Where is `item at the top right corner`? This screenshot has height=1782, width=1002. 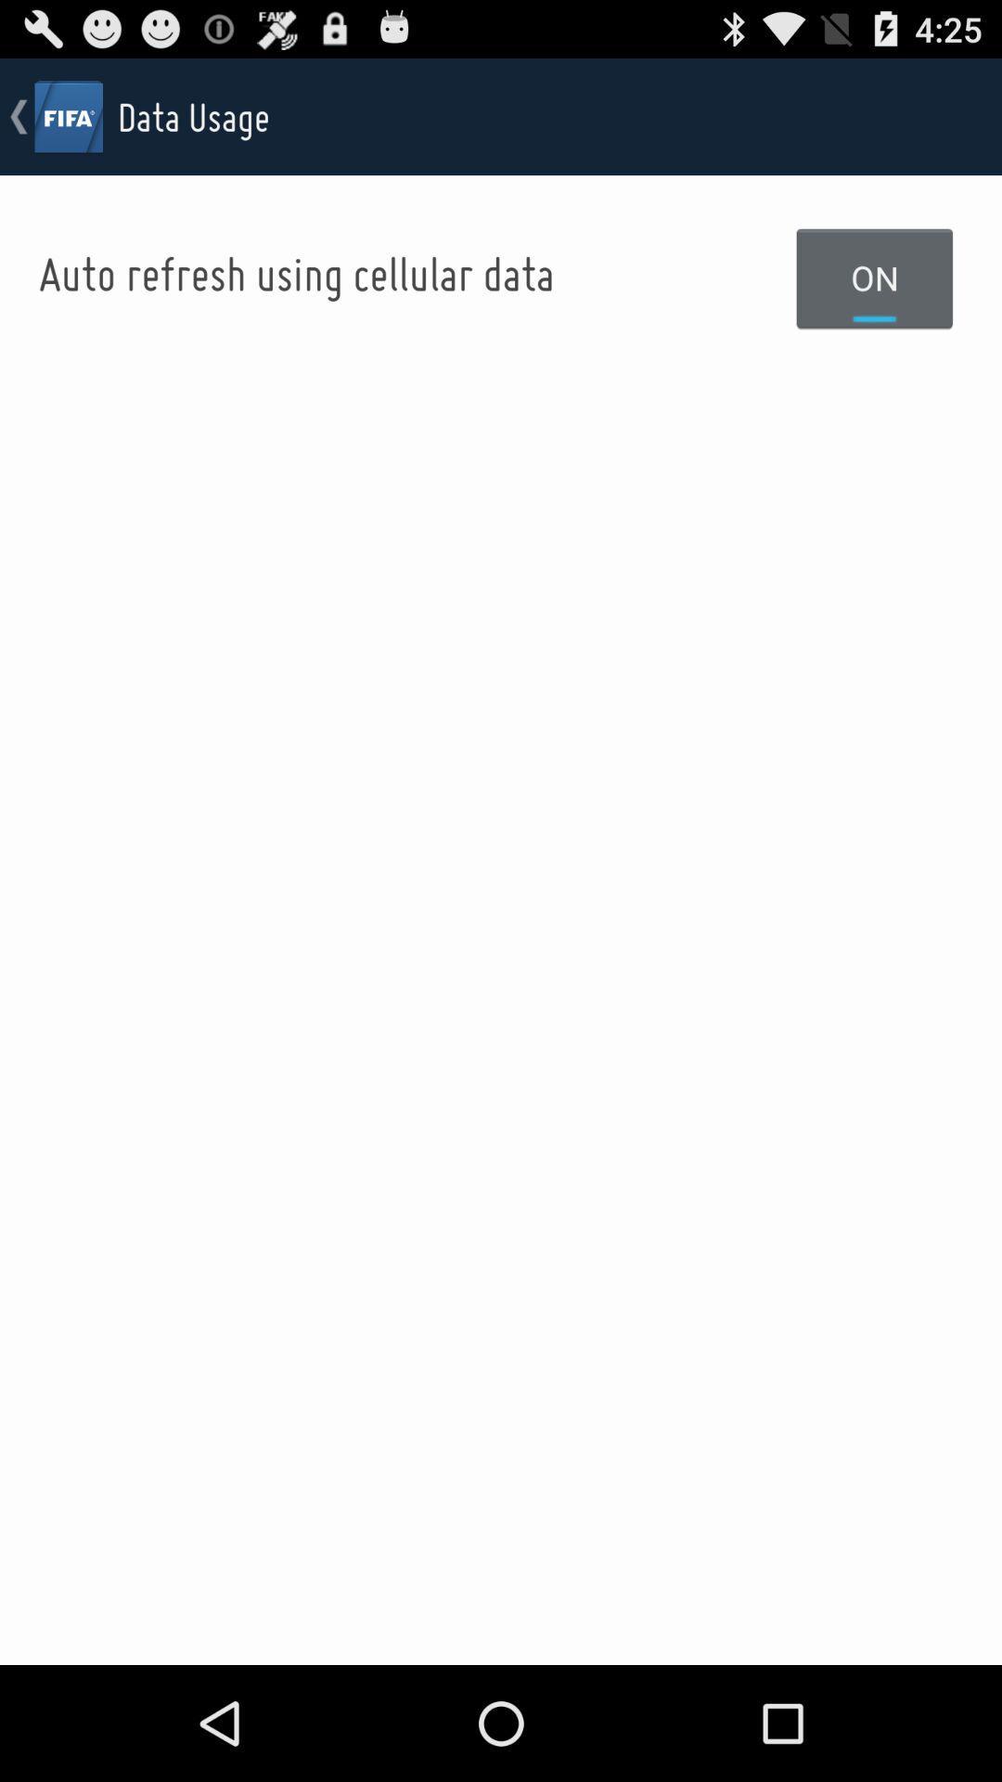
item at the top right corner is located at coordinates (875, 277).